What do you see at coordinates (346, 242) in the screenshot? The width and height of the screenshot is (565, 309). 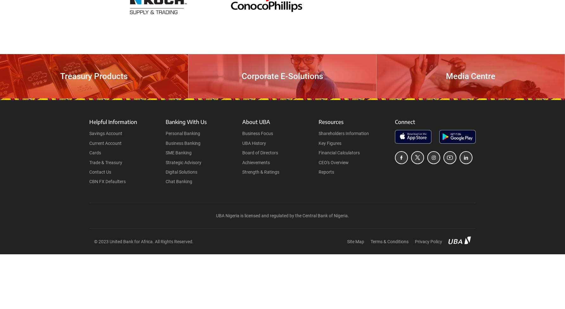 I see `'Site Map'` at bounding box center [346, 242].